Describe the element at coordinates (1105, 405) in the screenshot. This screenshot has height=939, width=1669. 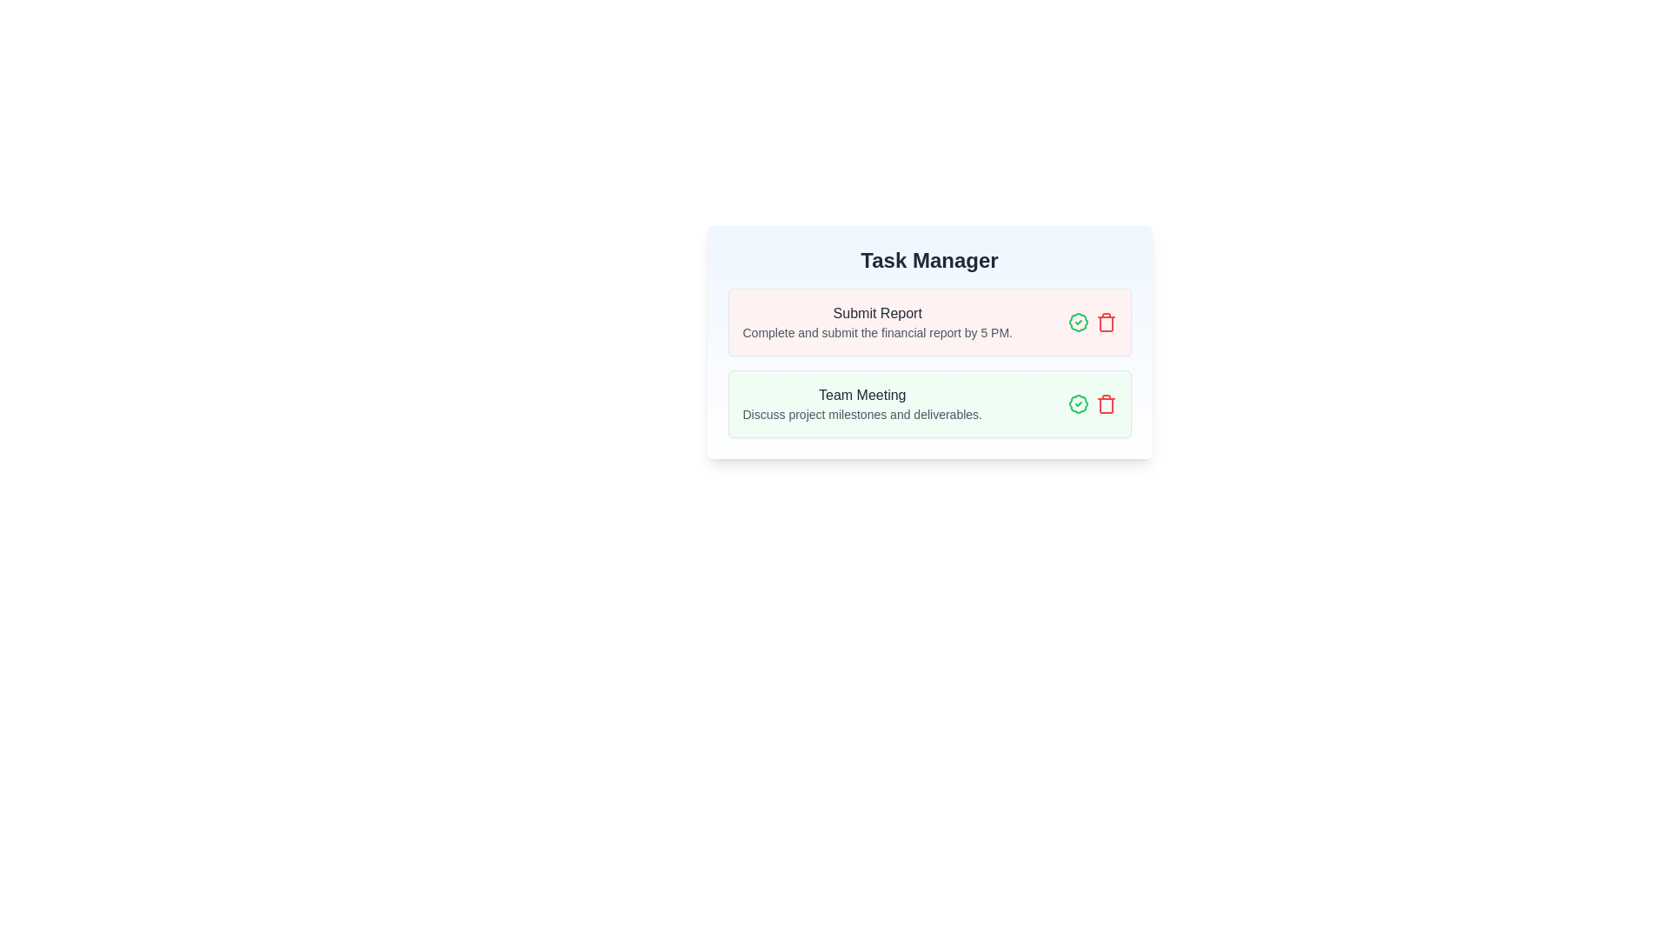
I see `the second trash bin icon located in the lower-right corner of the 'Team Meeting' task entry` at that location.